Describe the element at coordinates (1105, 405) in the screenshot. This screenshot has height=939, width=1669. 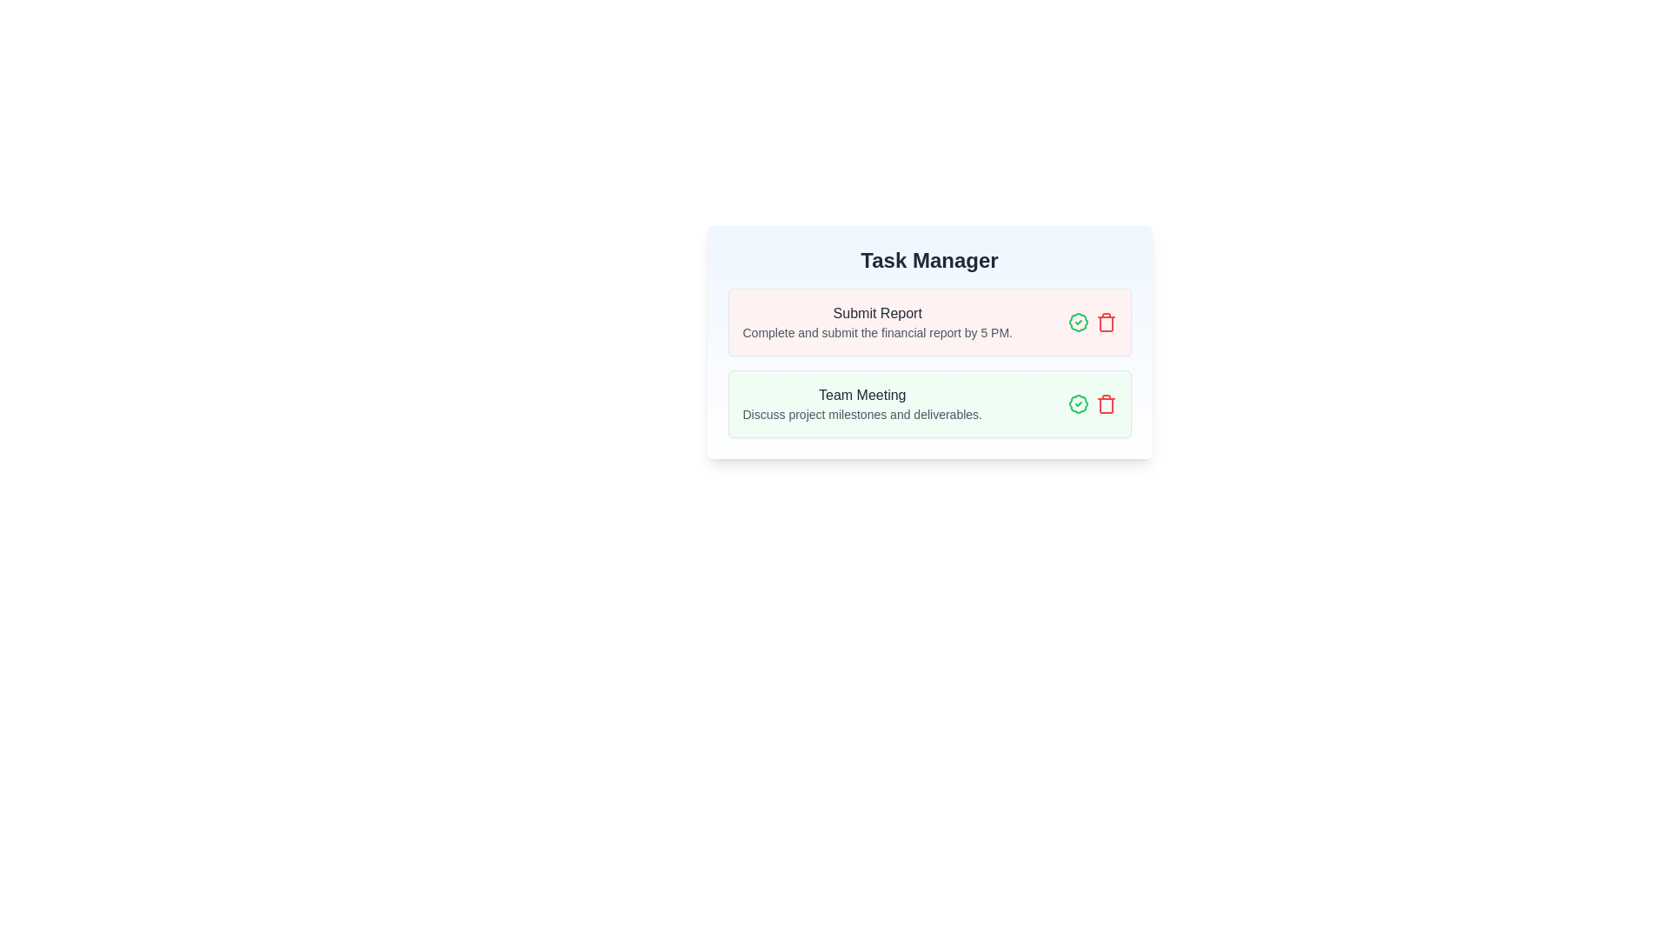
I see `the second trash bin icon located in the lower-right corner of the 'Team Meeting' task entry` at that location.